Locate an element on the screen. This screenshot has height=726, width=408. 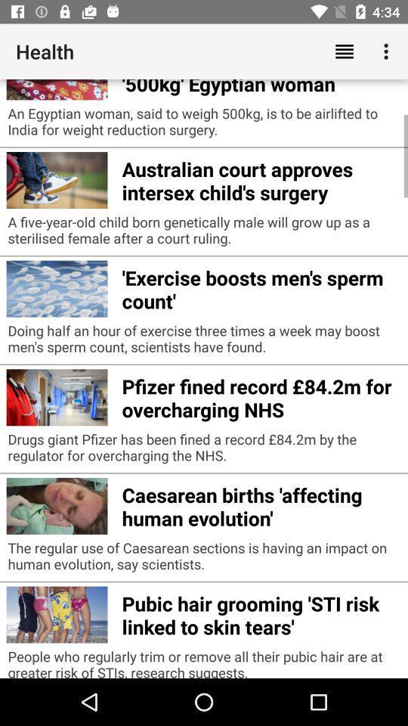
the people who regularly is located at coordinates (204, 662).